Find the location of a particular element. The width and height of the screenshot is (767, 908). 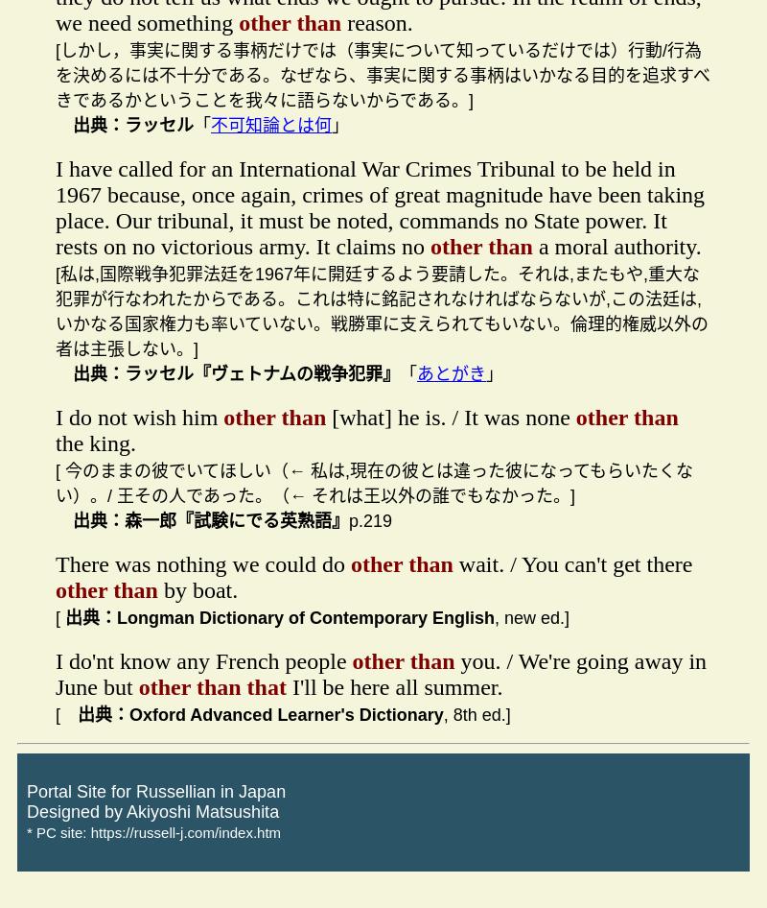

', new ed.]' is located at coordinates (494, 616).